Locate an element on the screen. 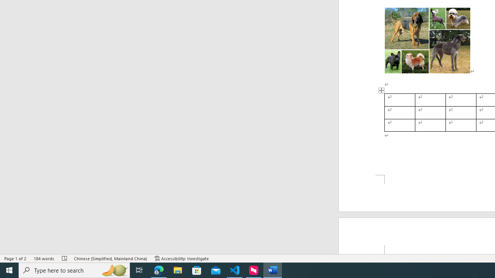 The height and width of the screenshot is (278, 495). 'Task View' is located at coordinates (139, 270).